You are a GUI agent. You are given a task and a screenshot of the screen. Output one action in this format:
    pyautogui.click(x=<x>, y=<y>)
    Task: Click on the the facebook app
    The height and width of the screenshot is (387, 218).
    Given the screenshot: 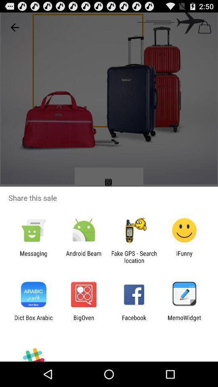 What is the action you would take?
    pyautogui.click(x=134, y=321)
    